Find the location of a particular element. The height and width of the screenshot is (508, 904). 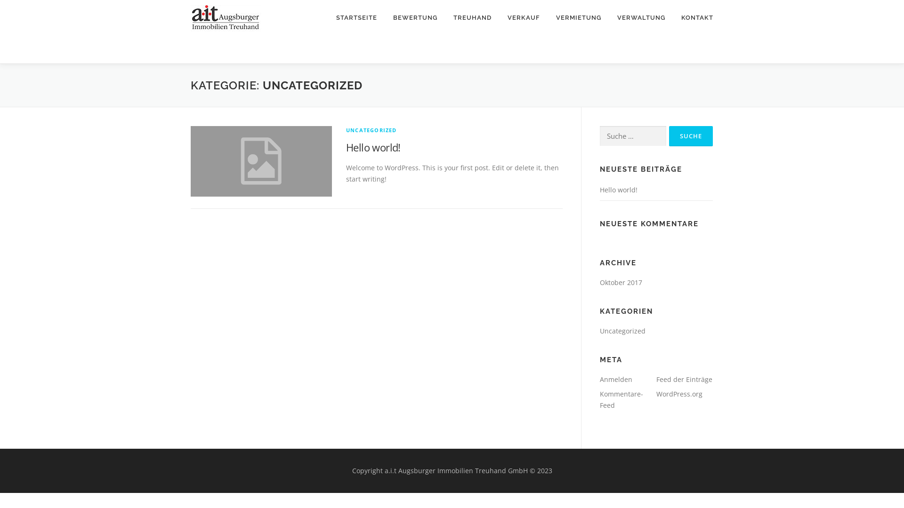

'Oktober 2017' is located at coordinates (621, 282).